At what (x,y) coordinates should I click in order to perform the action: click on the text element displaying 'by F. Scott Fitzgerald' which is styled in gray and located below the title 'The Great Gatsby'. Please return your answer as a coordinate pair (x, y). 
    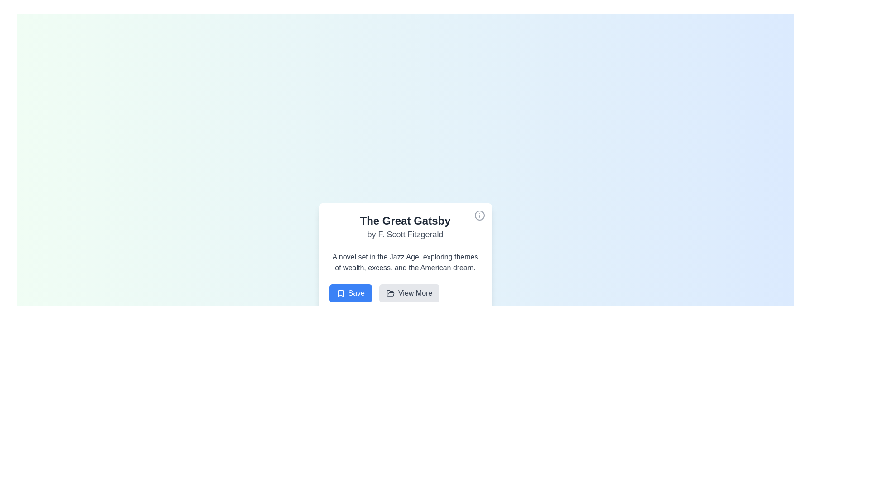
    Looking at the image, I should click on (405, 234).